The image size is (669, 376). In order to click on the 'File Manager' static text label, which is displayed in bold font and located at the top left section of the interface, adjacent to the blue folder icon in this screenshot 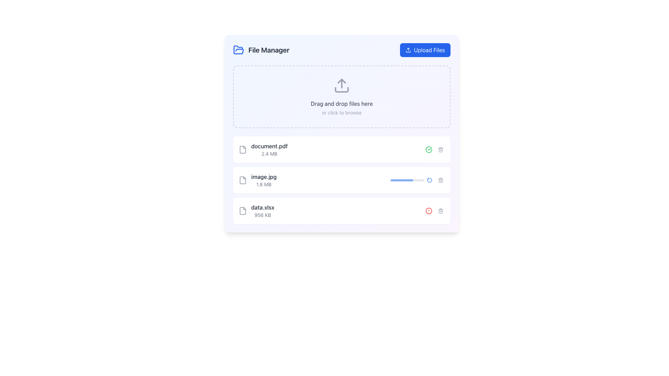, I will do `click(261, 49)`.